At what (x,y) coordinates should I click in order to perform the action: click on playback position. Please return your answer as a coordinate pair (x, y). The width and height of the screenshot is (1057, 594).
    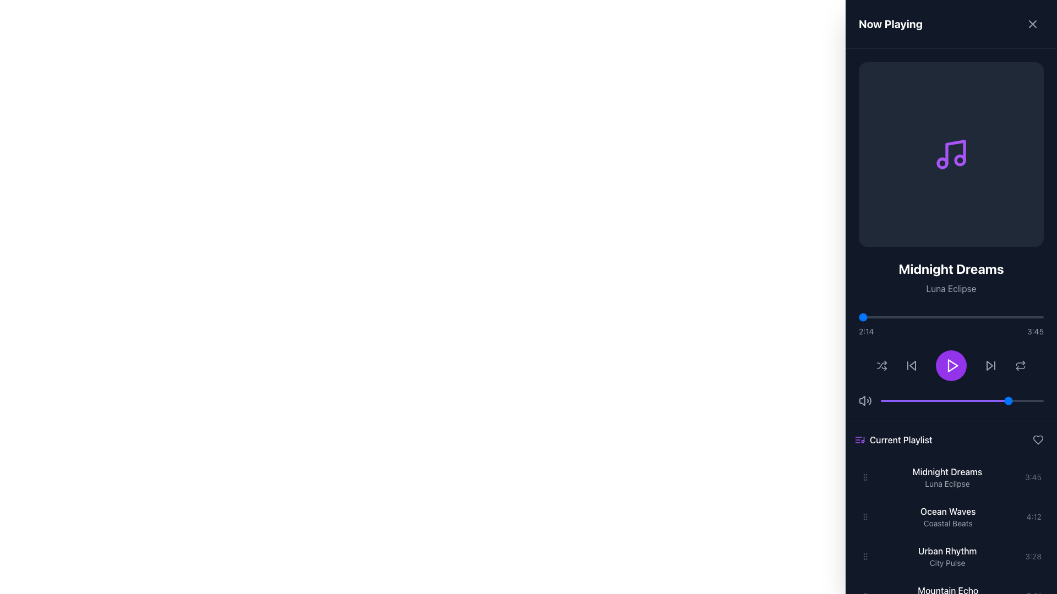
    Looking at the image, I should click on (907, 317).